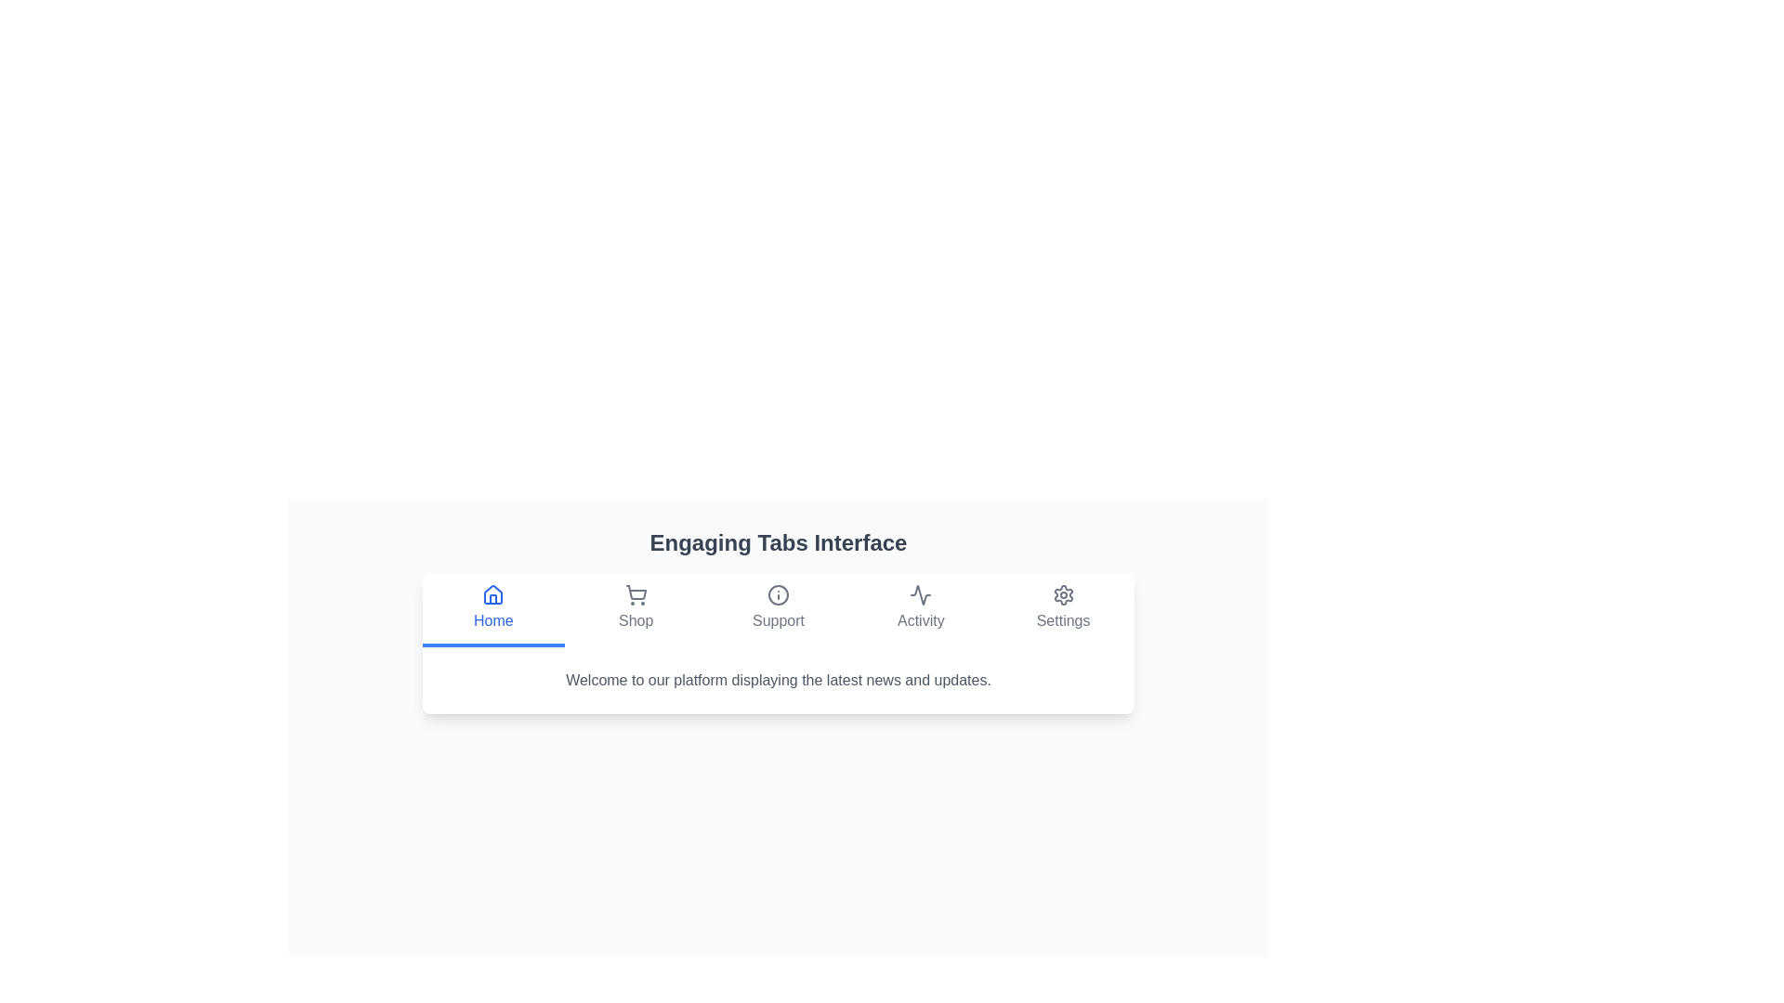 The height and width of the screenshot is (1003, 1784). What do you see at coordinates (778, 594) in the screenshot?
I see `the circular graphical icon located in the 'Support' tab, which is centrally positioned within the third tab element of the navigation menu` at bounding box center [778, 594].